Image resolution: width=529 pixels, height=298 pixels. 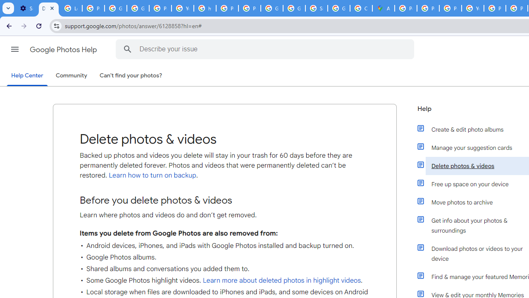 What do you see at coordinates (151, 175) in the screenshot?
I see `' Learn how to turn on backup'` at bounding box center [151, 175].